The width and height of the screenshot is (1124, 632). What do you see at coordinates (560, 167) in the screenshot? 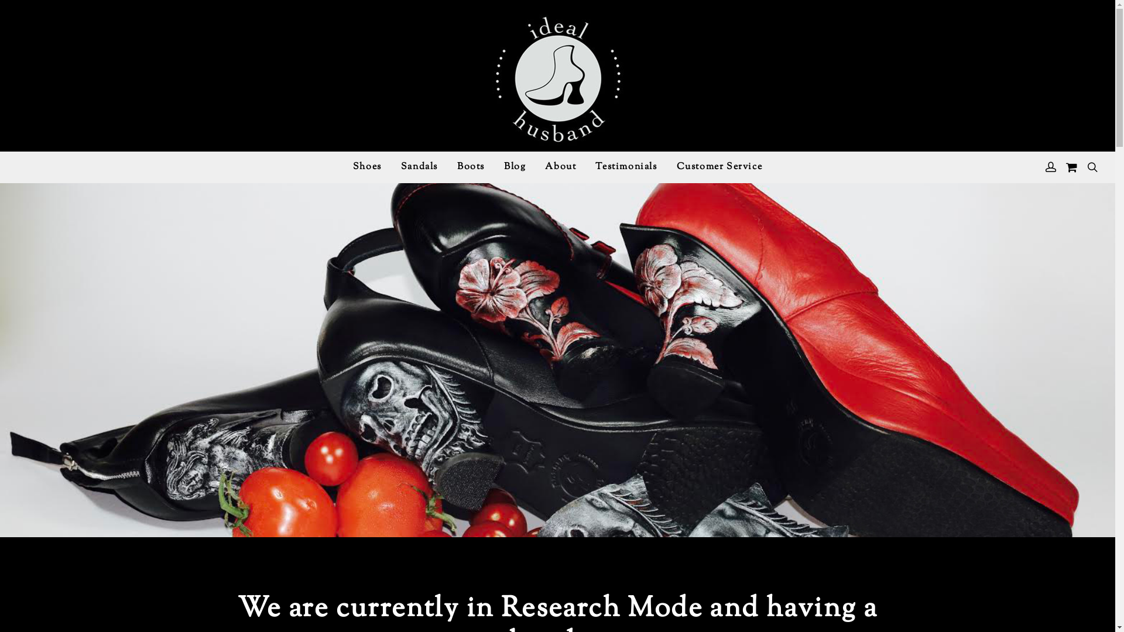
I see `'About'` at bounding box center [560, 167].